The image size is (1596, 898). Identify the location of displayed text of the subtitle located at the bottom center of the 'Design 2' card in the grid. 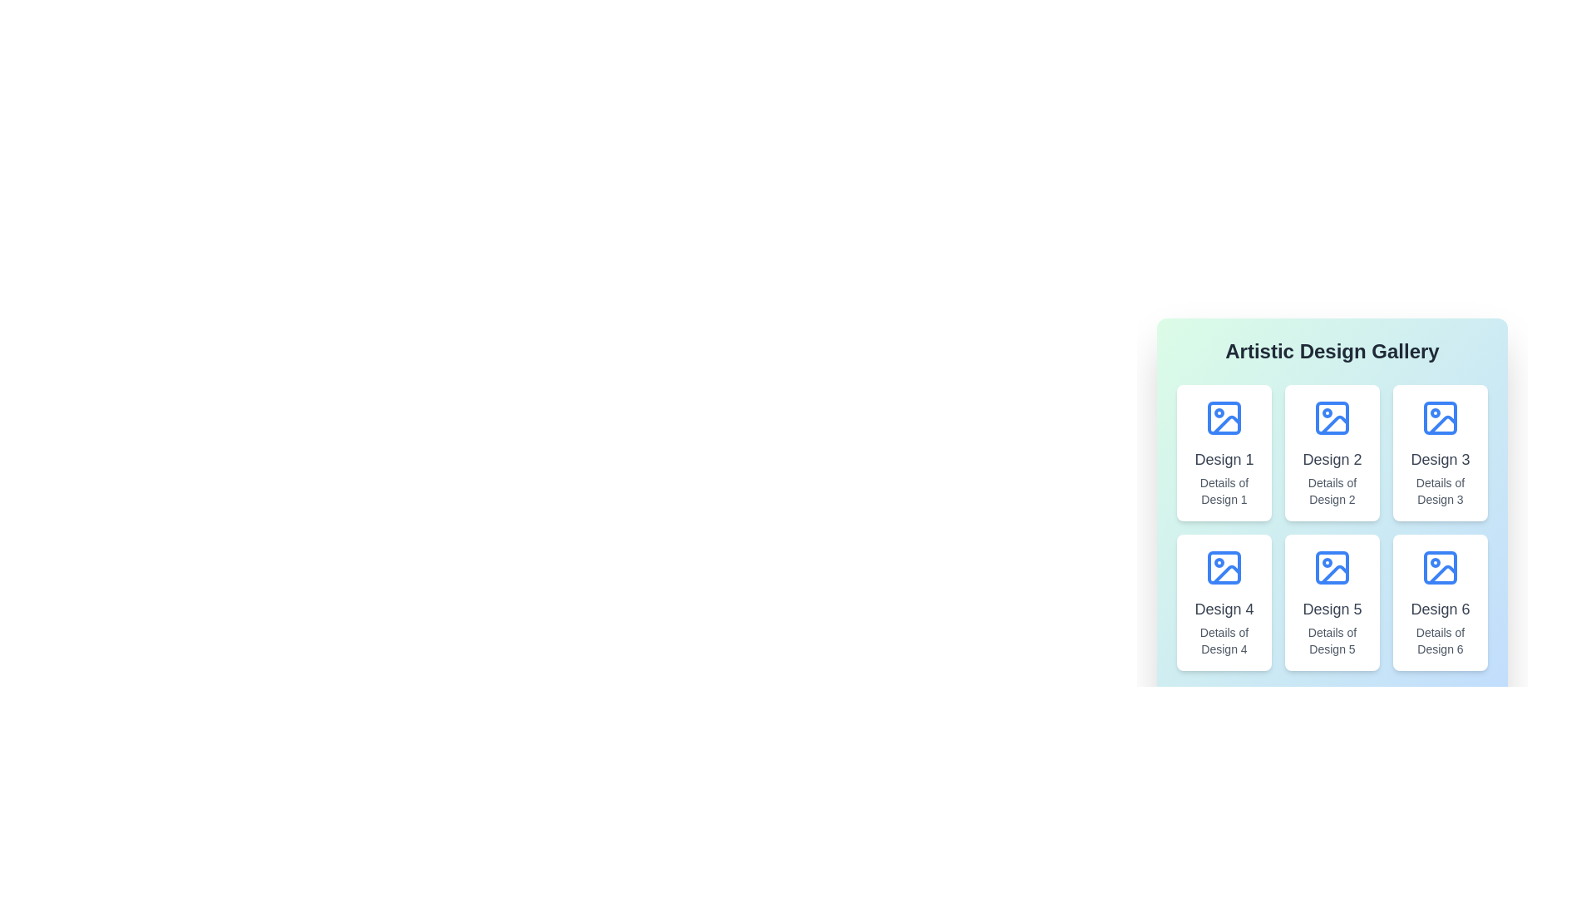
(1332, 490).